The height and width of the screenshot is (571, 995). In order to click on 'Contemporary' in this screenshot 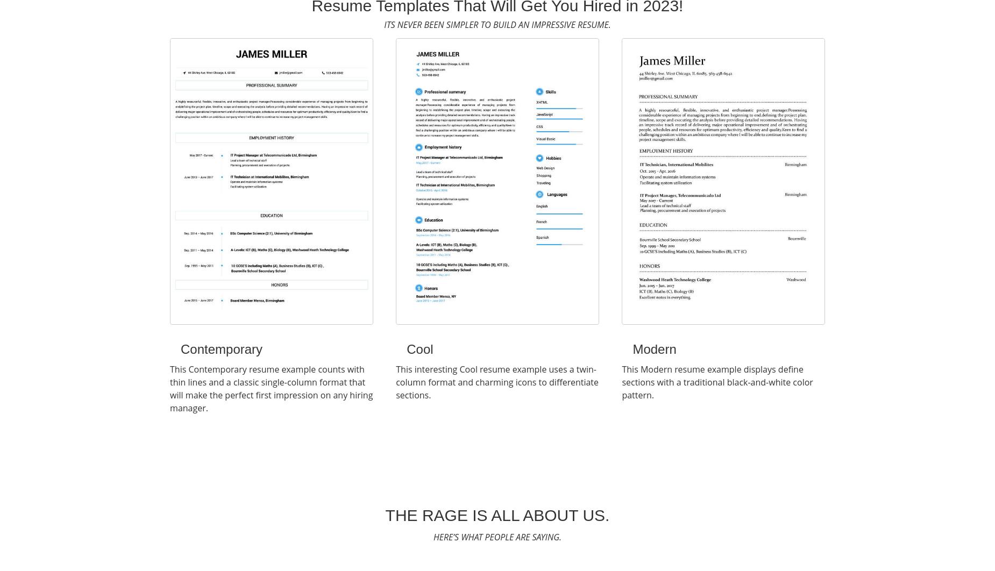, I will do `click(221, 349)`.